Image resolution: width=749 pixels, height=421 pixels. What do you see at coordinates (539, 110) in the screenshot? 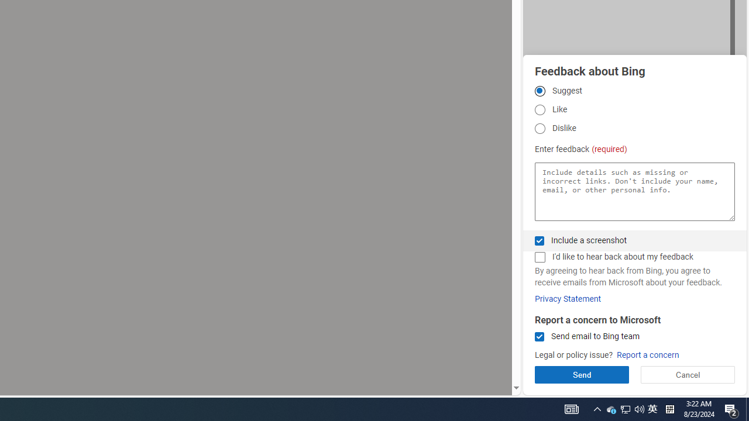
I see `'Like'` at bounding box center [539, 110].